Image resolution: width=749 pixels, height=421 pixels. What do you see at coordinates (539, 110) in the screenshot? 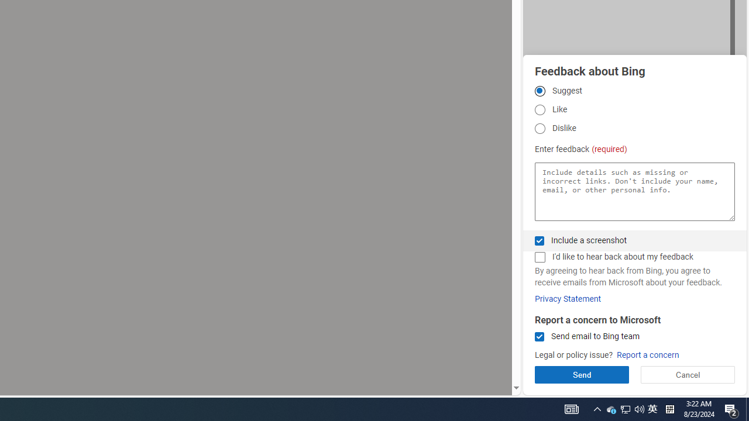
I see `'Like'` at bounding box center [539, 110].